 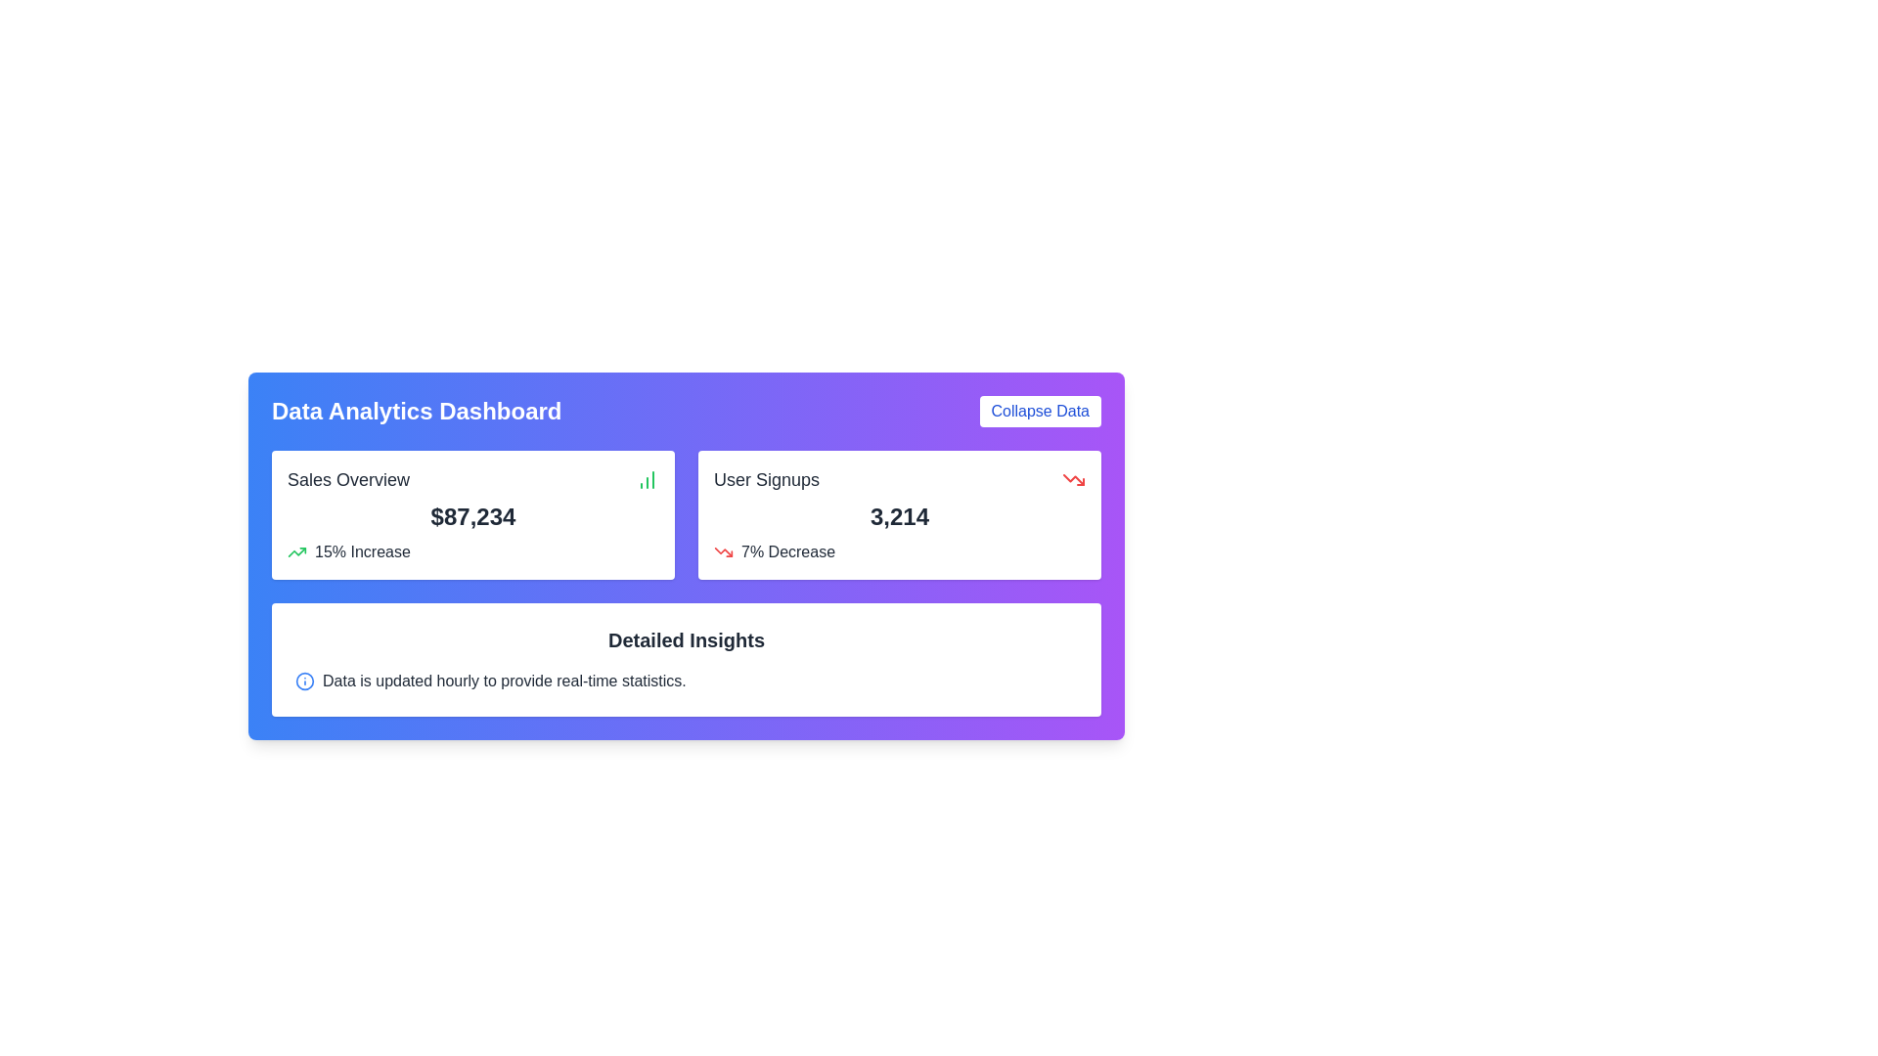 What do you see at coordinates (765, 479) in the screenshot?
I see `text from the 'User Signups' label, which is prominently displayed in bold at the top of its card on the right side of the dashboard` at bounding box center [765, 479].